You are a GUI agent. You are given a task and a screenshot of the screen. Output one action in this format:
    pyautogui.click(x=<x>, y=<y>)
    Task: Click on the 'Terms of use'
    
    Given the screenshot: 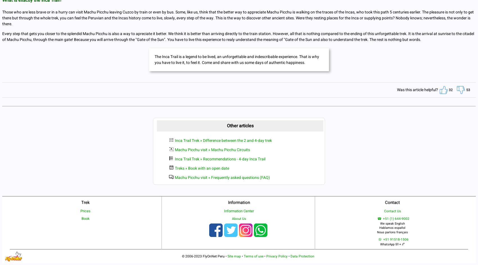 What is the action you would take?
    pyautogui.click(x=254, y=255)
    